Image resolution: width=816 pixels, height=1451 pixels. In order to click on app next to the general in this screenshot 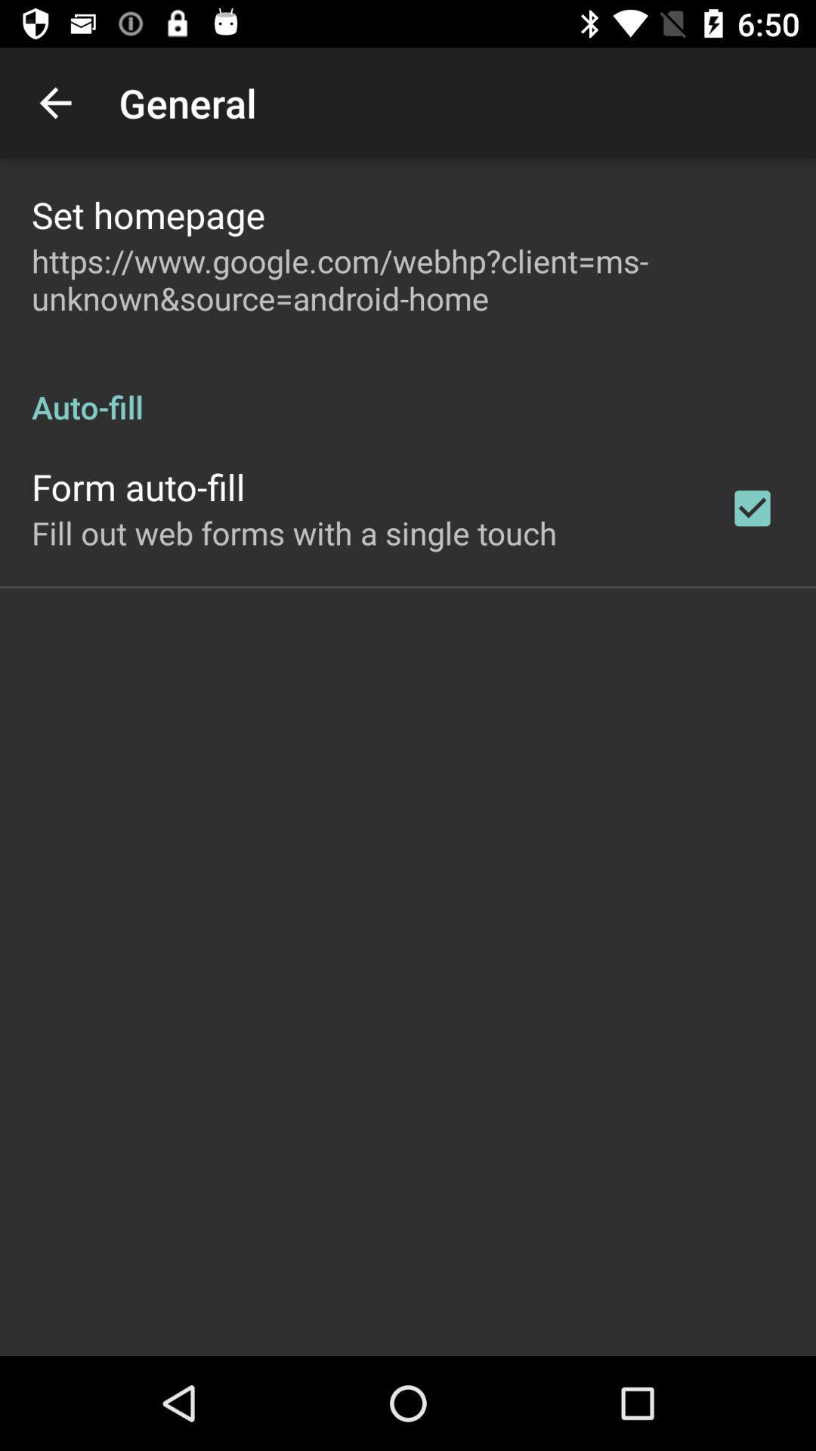, I will do `click(54, 102)`.